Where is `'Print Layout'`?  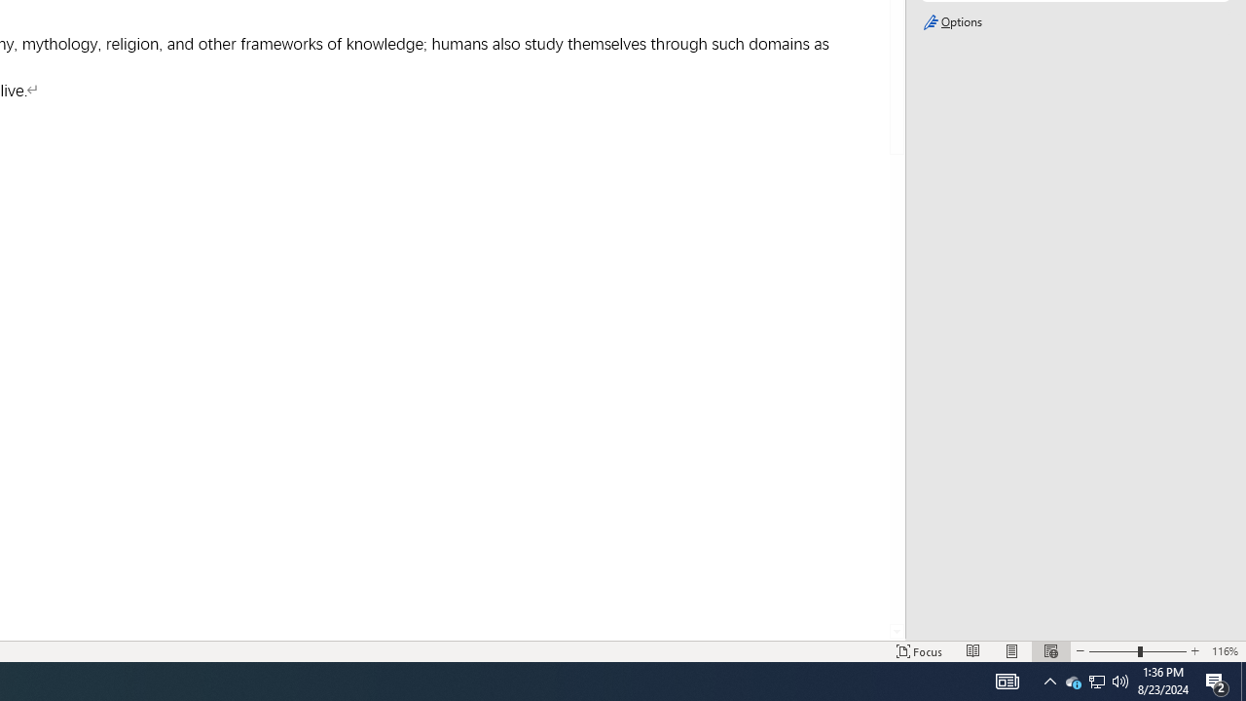
'Print Layout' is located at coordinates (1012, 651).